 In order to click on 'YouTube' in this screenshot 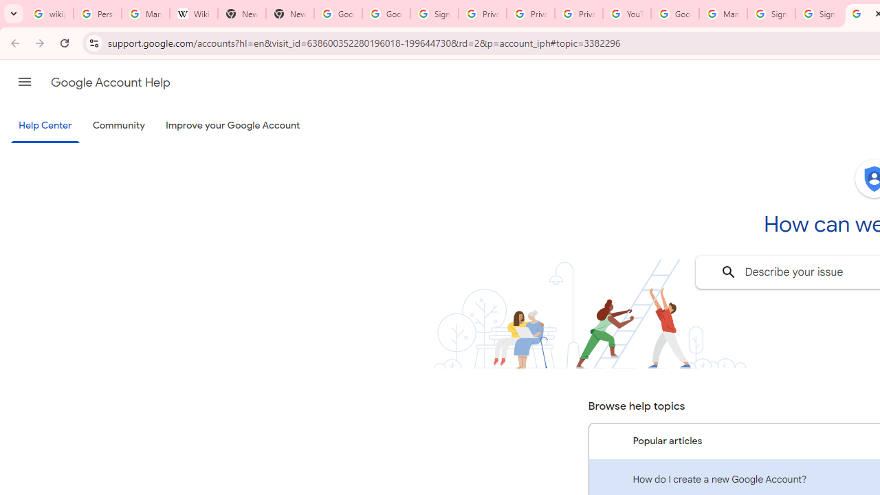, I will do `click(626, 14)`.